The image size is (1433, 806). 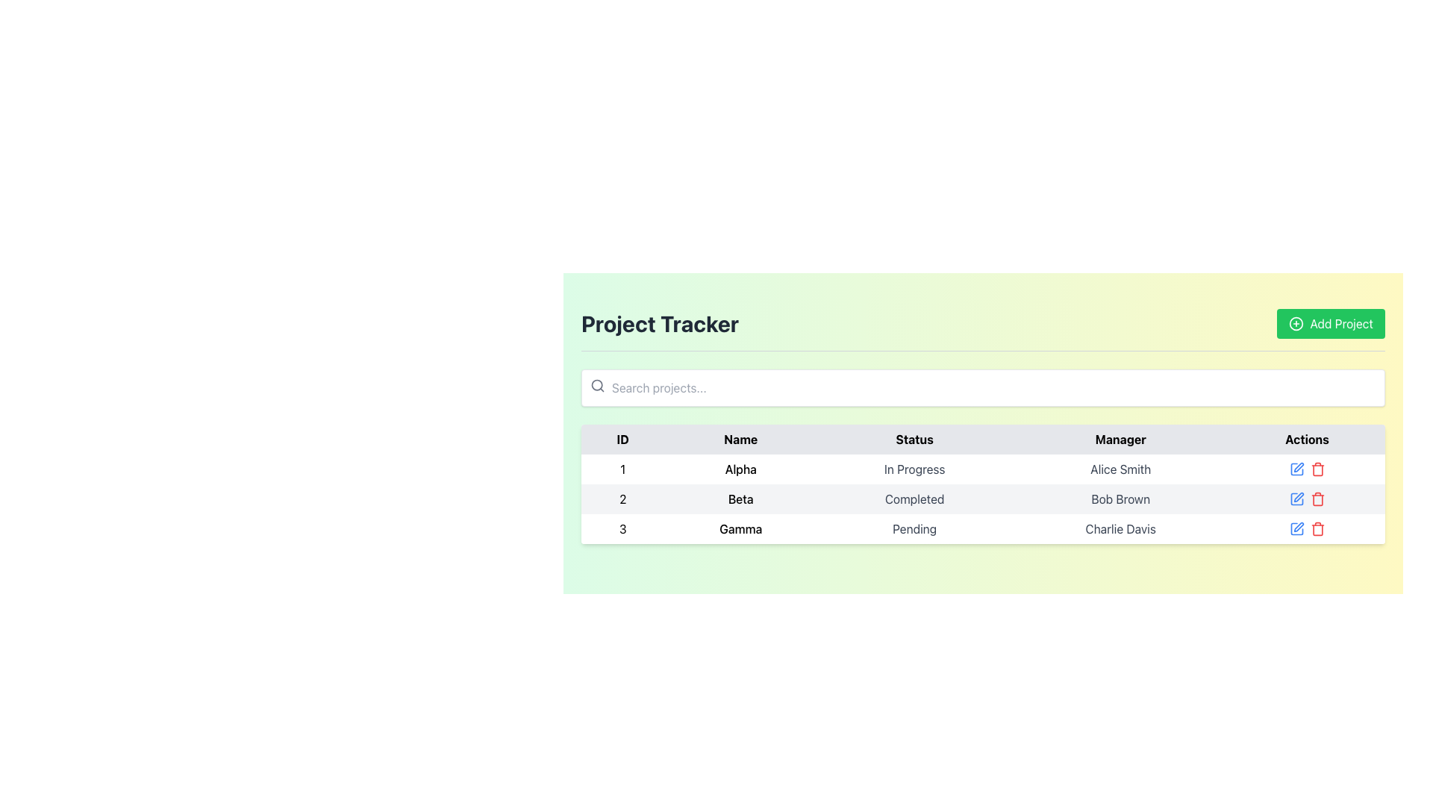 What do you see at coordinates (740, 468) in the screenshot?
I see `the Text label representing the project name located in the second column of the first row of the table grid, which is under the 'Name' heading and positioned between the 'ID' column and the 'Status' column` at bounding box center [740, 468].